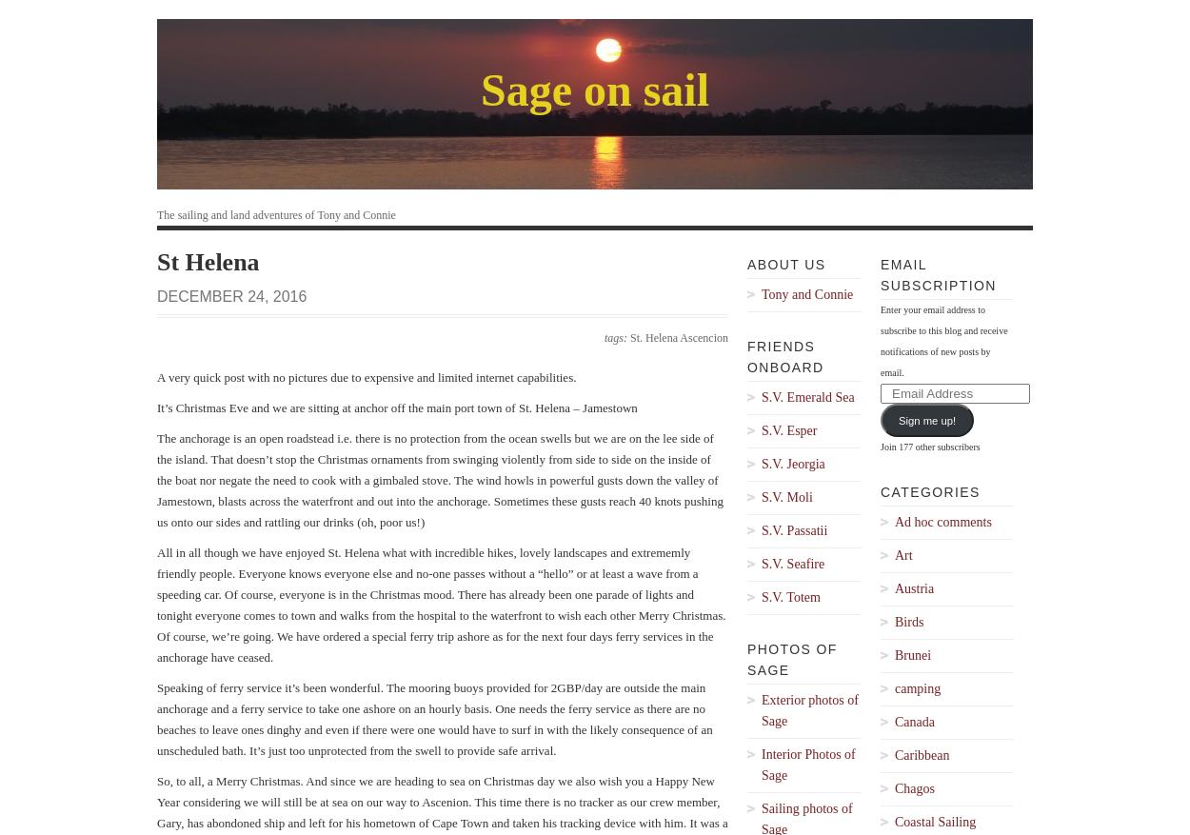  I want to click on 'The sailing and land adventures of Tony and Connie', so click(276, 214).